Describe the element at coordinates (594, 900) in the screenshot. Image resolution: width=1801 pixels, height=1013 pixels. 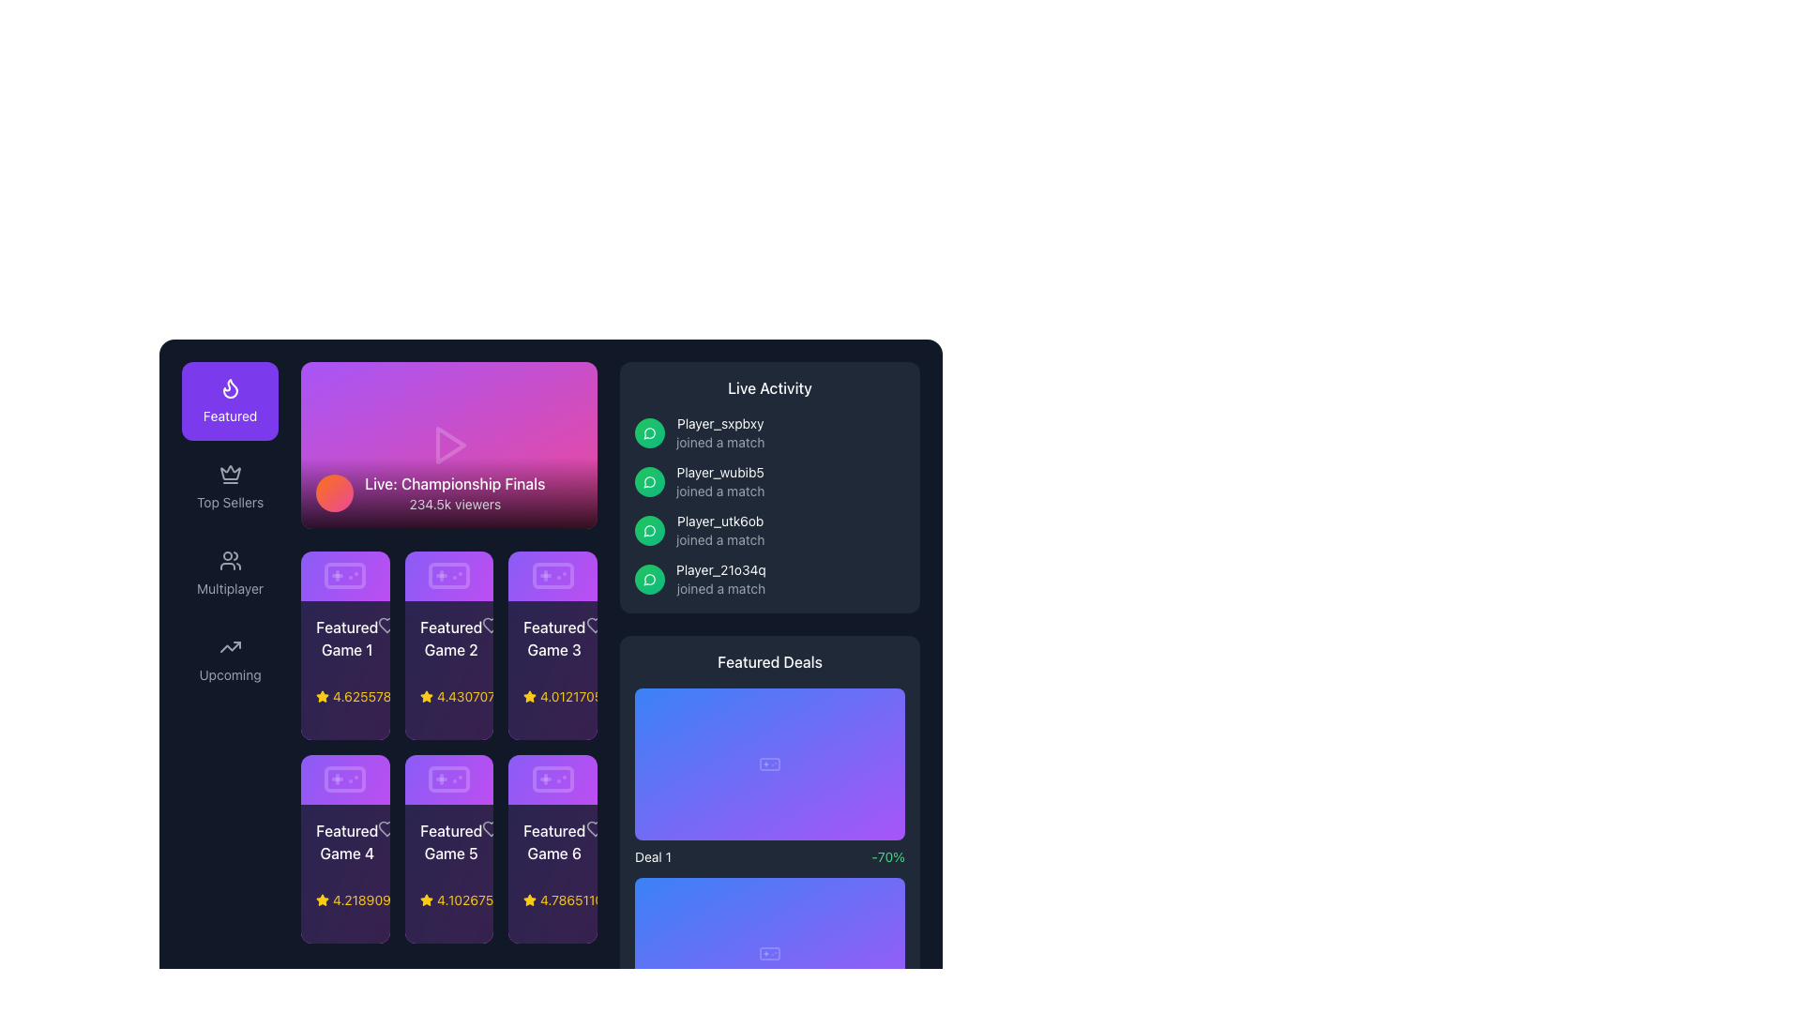
I see `the sixth numerical rating display which consists of a yellow star icon and the text '4.786511040495073' in yellow font, located in the last column of the grid of featured games` at that location.